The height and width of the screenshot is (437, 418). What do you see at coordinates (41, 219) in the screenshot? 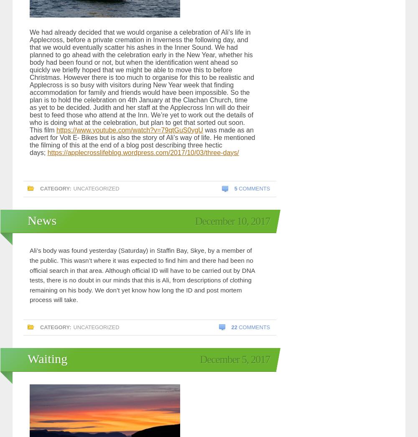
I see `'News'` at bounding box center [41, 219].